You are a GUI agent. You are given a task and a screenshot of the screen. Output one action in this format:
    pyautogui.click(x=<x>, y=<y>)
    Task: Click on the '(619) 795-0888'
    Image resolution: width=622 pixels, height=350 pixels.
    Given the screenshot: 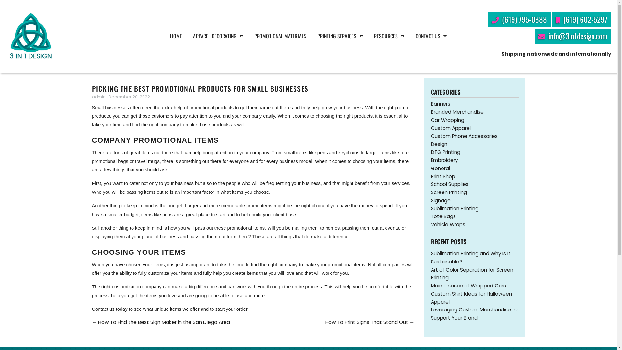 What is the action you would take?
    pyautogui.click(x=519, y=19)
    